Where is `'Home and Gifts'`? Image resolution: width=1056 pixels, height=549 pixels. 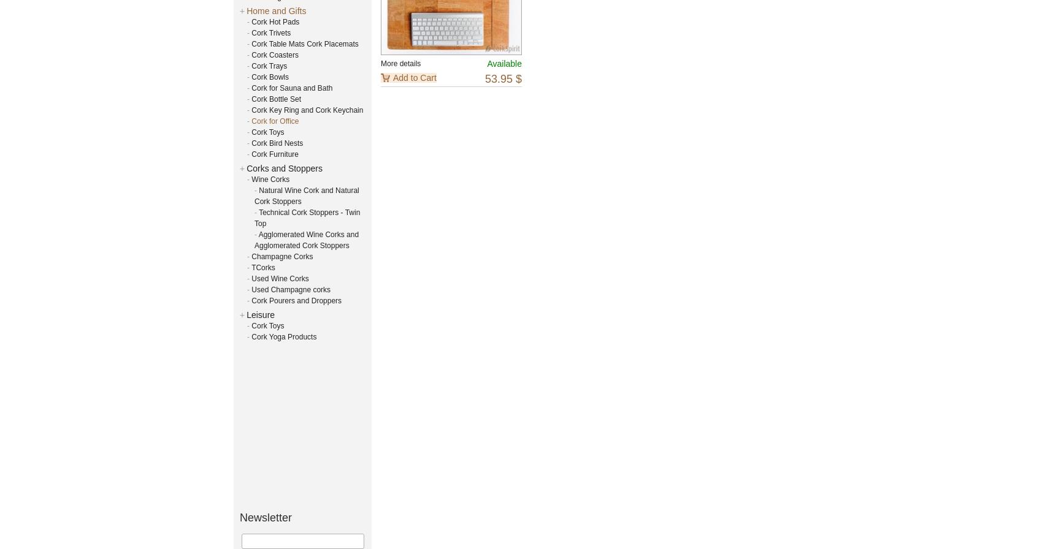
'Home and Gifts' is located at coordinates (275, 10).